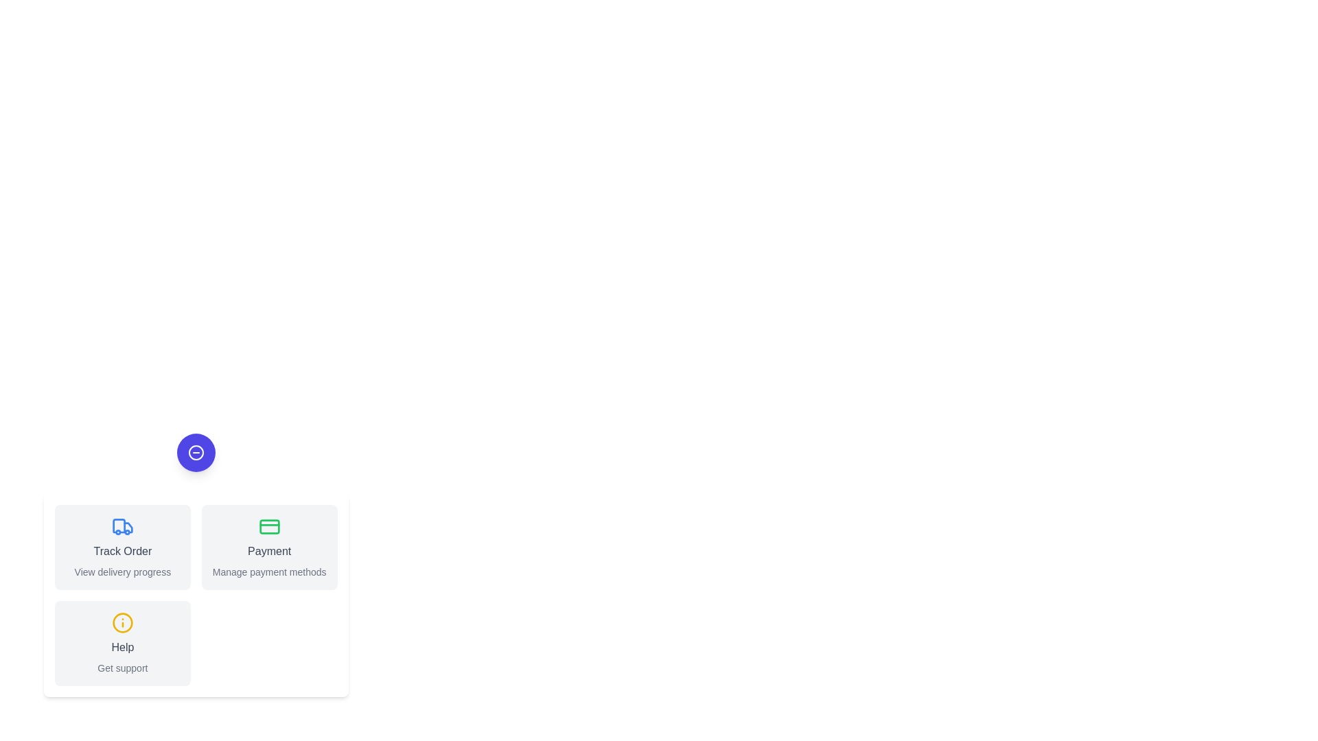  I want to click on toggle button to change the visibility of the quick actions menu, so click(195, 452).